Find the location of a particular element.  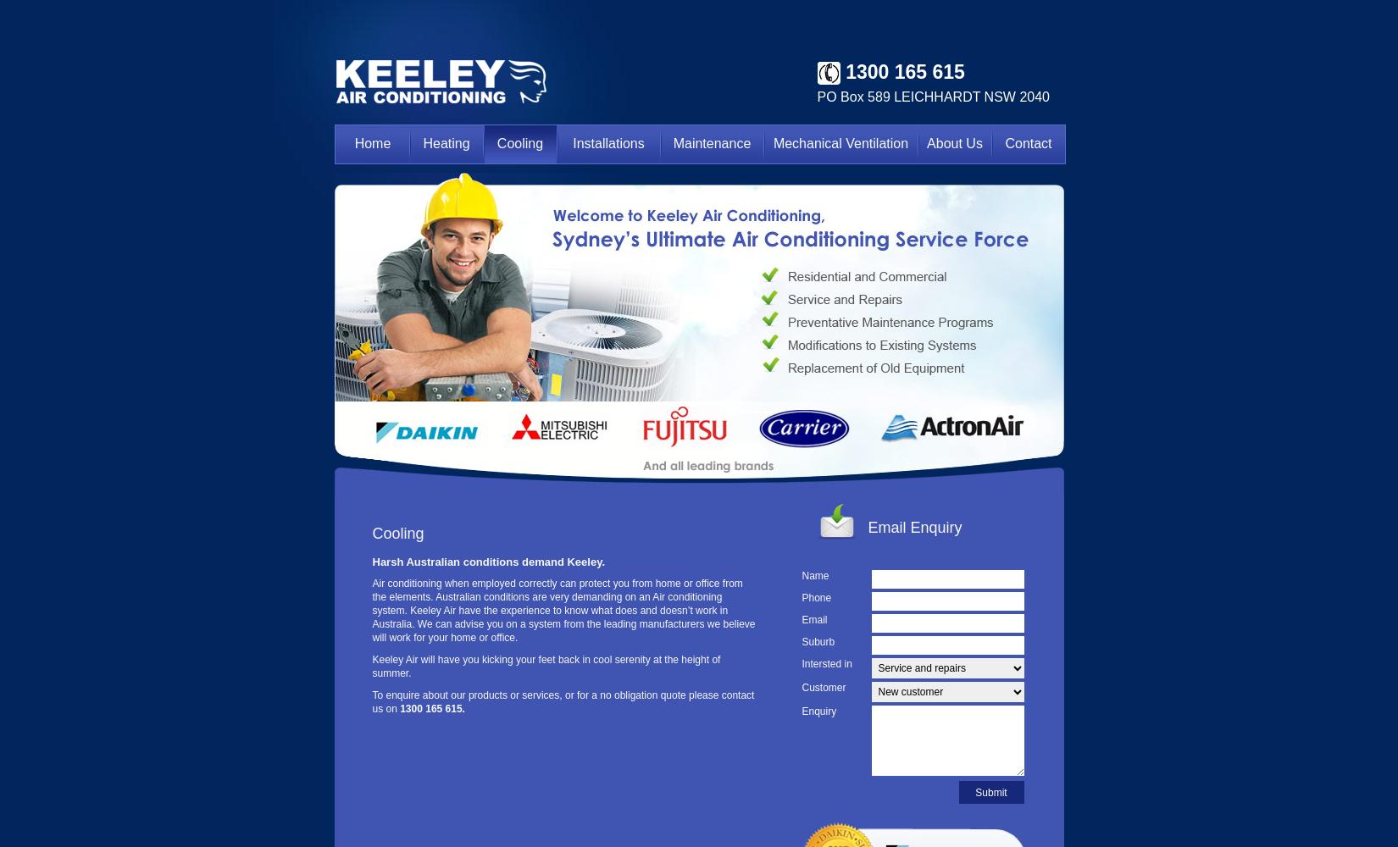

'Customer' is located at coordinates (824, 688).